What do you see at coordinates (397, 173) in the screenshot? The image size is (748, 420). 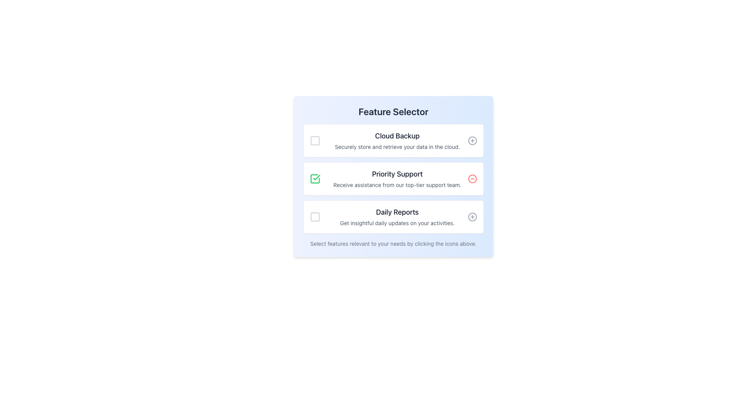 I see `the 'Priority Support' title text label located in the middle section of the 'Feature Selector' dialog above the explanatory text` at bounding box center [397, 173].